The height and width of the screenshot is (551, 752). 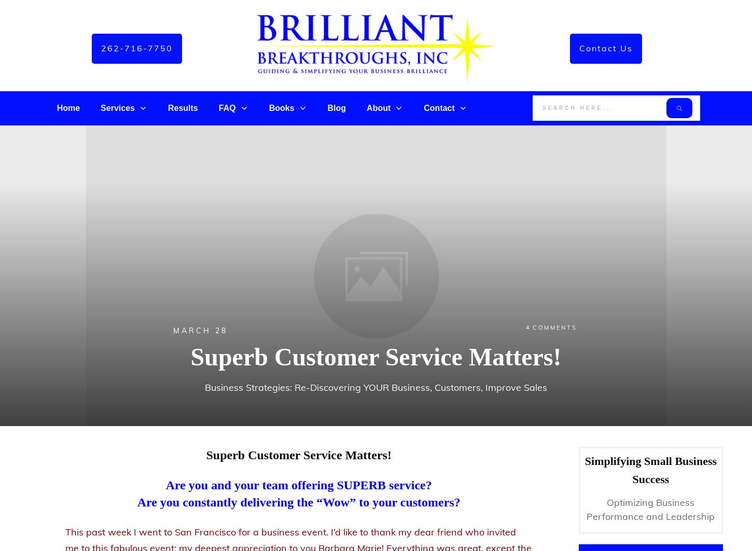 What do you see at coordinates (67, 108) in the screenshot?
I see `'Home'` at bounding box center [67, 108].